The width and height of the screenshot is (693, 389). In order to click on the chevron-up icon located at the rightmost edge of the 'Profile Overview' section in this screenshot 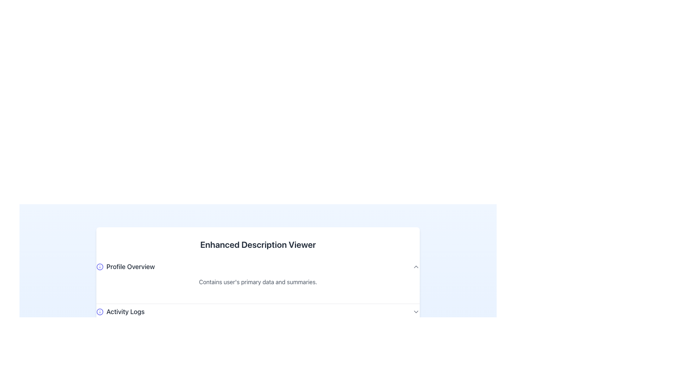, I will do `click(416, 267)`.